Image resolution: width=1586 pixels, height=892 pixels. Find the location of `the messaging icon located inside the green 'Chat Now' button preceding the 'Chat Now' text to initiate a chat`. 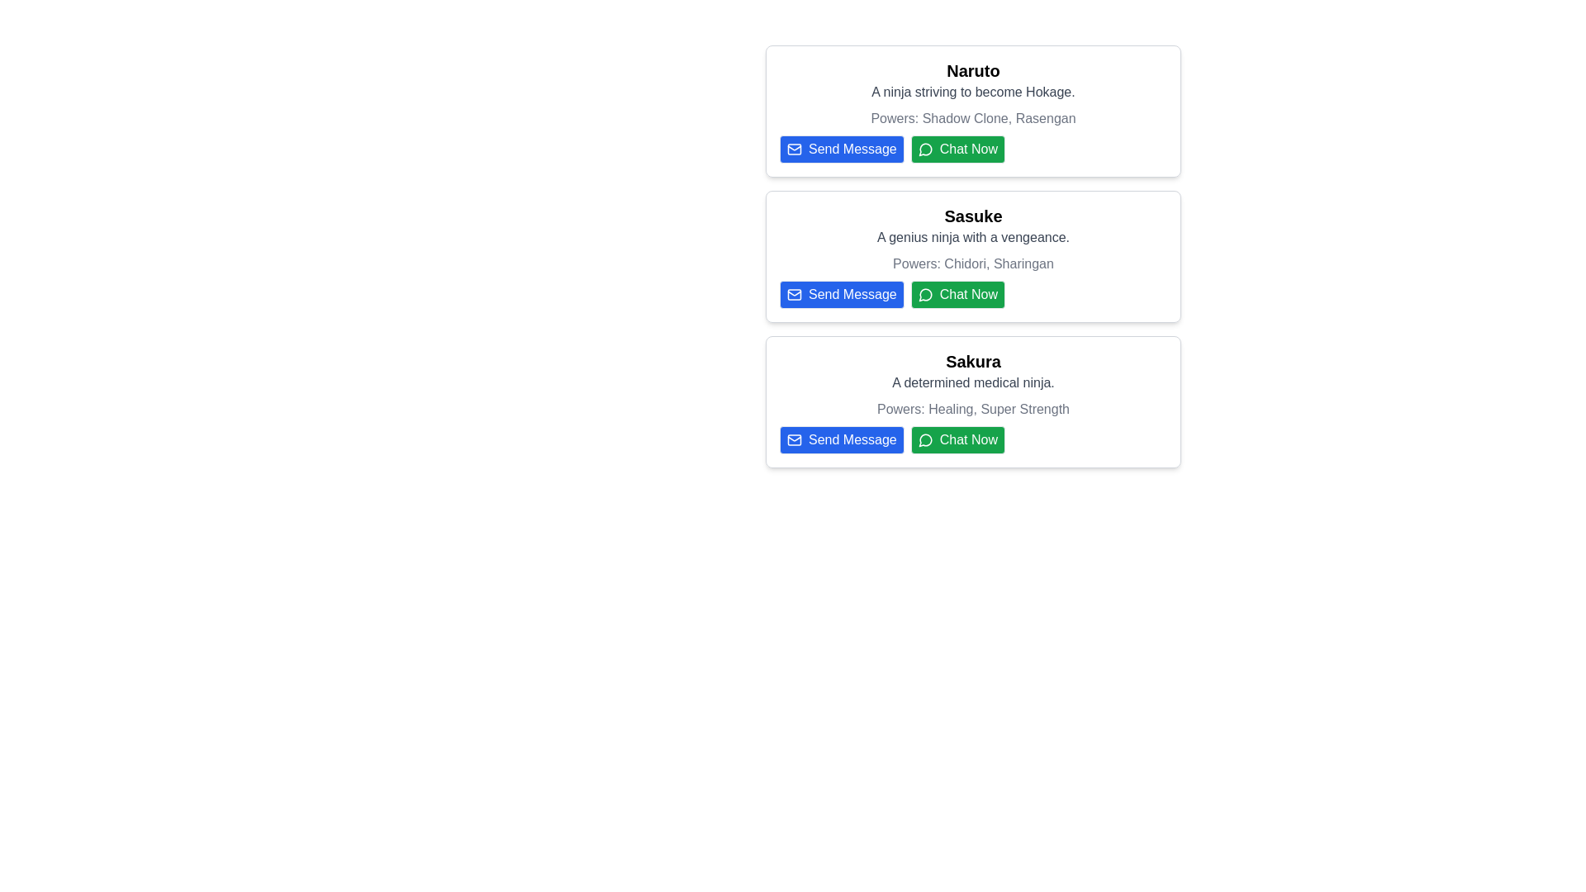

the messaging icon located inside the green 'Chat Now' button preceding the 'Chat Now' text to initiate a chat is located at coordinates (925, 294).